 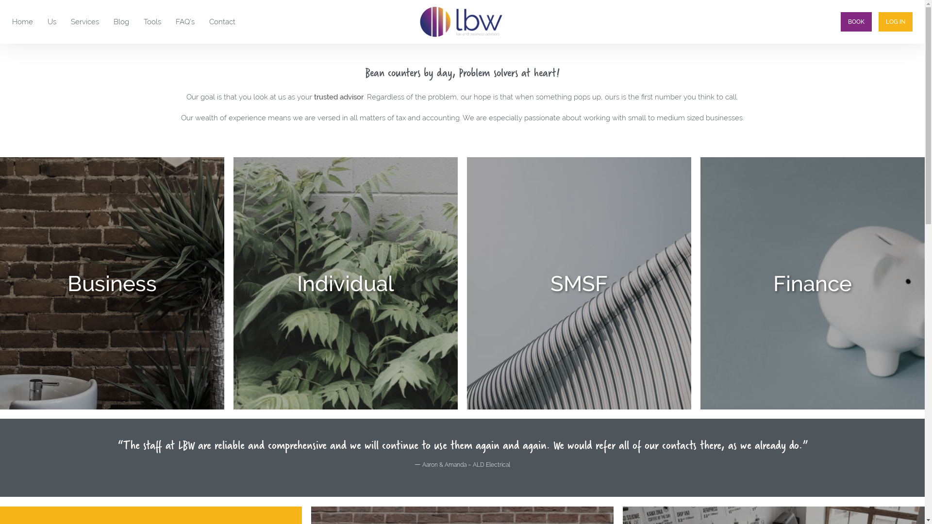 What do you see at coordinates (120, 22) in the screenshot?
I see `'Blog'` at bounding box center [120, 22].